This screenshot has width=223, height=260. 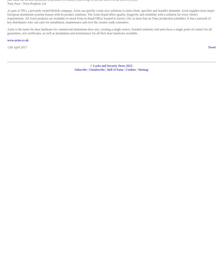 What do you see at coordinates (143, 70) in the screenshot?
I see `'Sitemap'` at bounding box center [143, 70].